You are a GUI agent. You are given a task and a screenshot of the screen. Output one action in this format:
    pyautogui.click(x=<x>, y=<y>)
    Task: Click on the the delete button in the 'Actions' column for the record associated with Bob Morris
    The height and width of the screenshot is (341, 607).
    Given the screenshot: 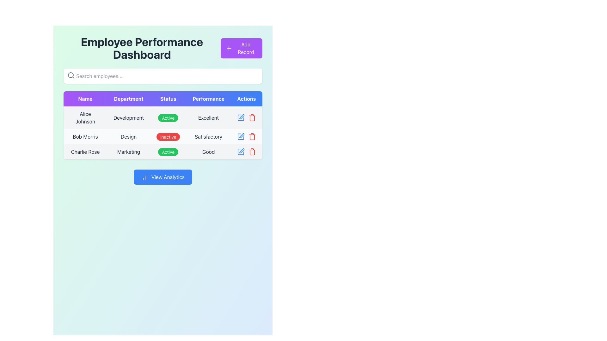 What is the action you would take?
    pyautogui.click(x=252, y=136)
    